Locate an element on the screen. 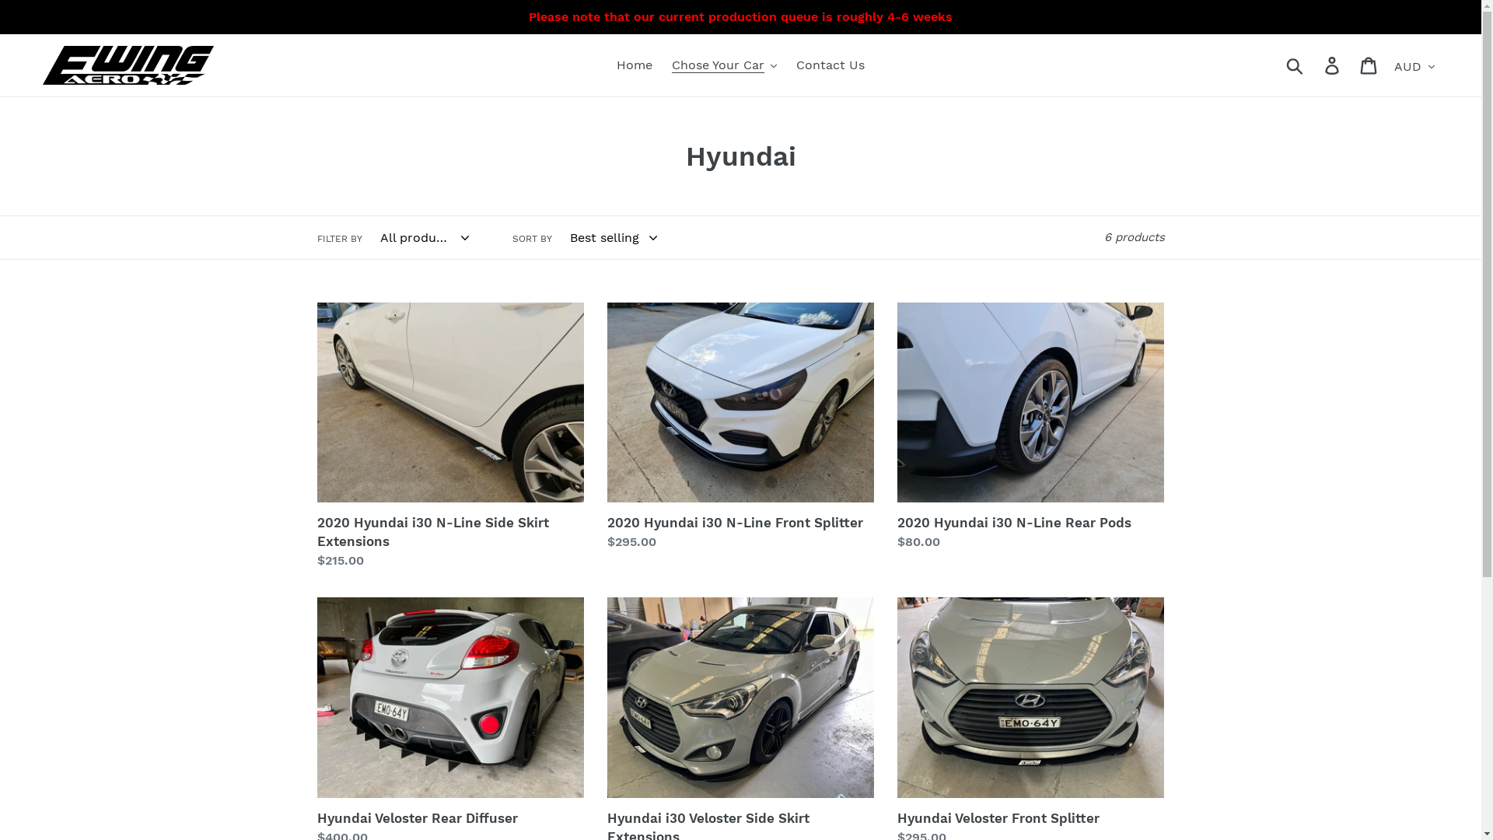  'Log in' is located at coordinates (1332, 65).